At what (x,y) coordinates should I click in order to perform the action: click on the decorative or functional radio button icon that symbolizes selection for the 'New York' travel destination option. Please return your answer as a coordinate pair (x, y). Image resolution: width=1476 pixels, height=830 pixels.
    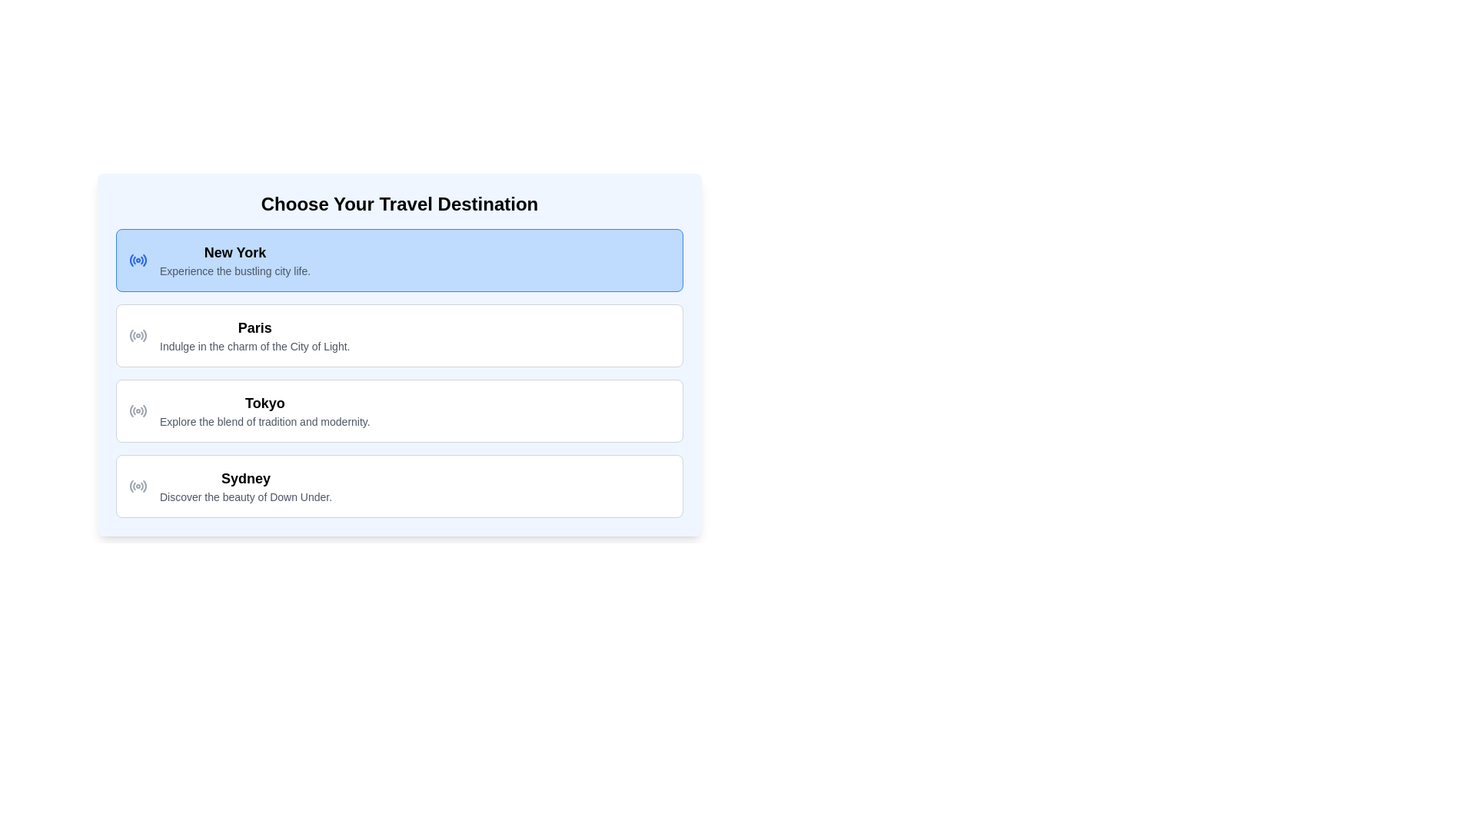
    Looking at the image, I should click on (138, 260).